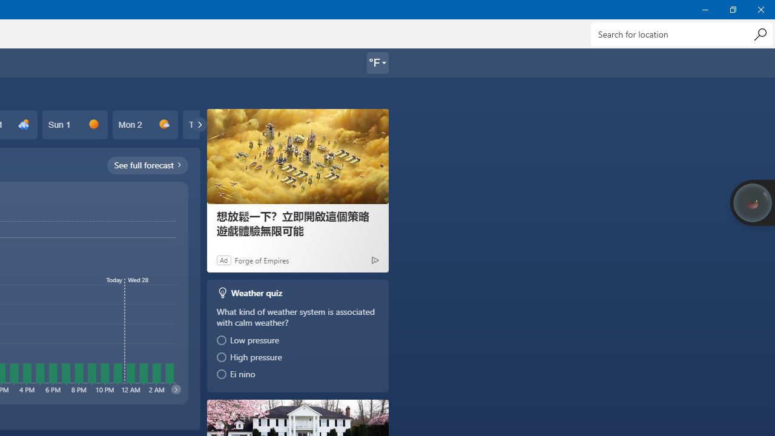 This screenshot has width=775, height=436. Describe the element at coordinates (681, 33) in the screenshot. I see `'Search for location'` at that location.